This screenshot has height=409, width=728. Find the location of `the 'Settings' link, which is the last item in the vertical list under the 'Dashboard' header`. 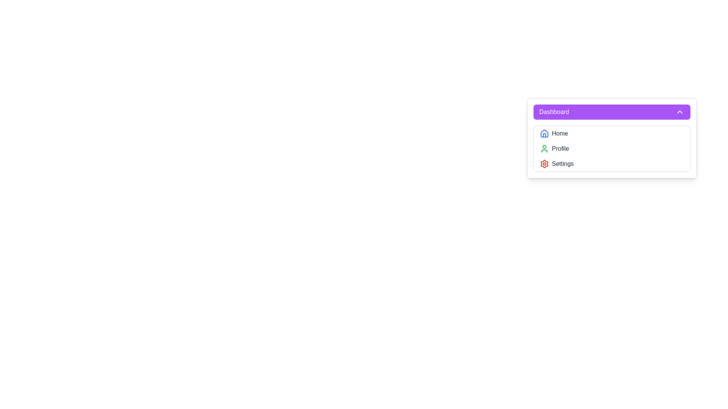

the 'Settings' link, which is the last item in the vertical list under the 'Dashboard' header is located at coordinates (563, 163).